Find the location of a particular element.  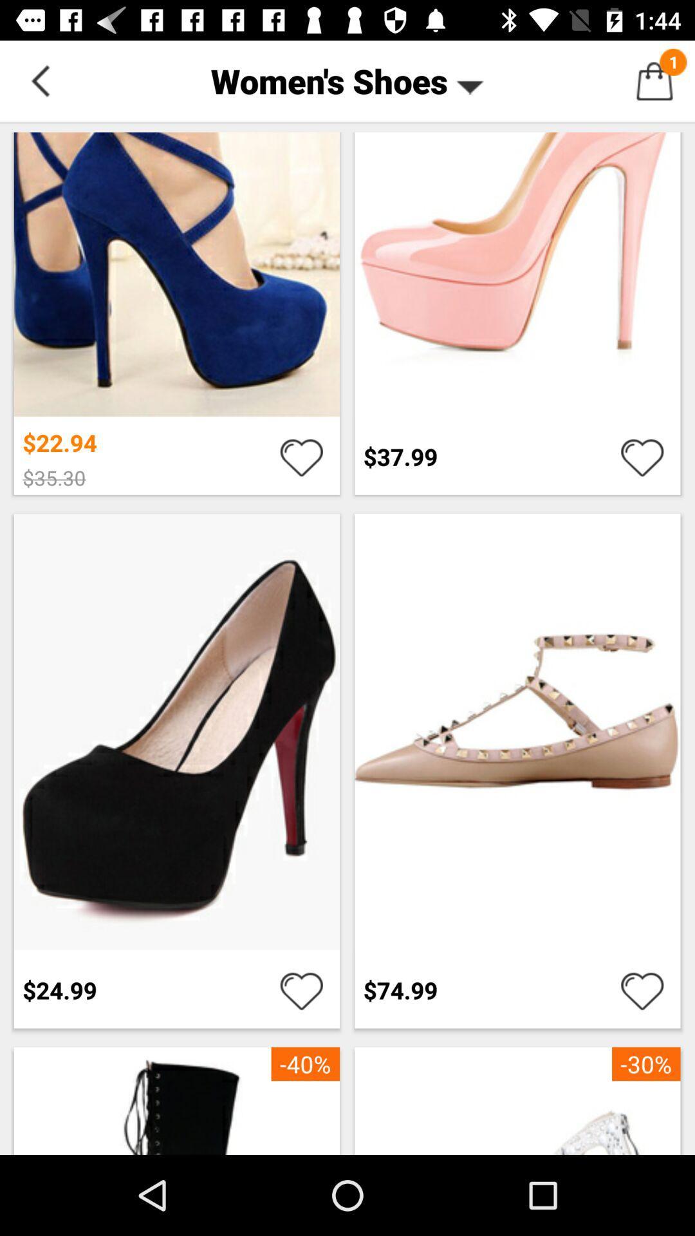

pink color shoe image is located at coordinates (517, 269).